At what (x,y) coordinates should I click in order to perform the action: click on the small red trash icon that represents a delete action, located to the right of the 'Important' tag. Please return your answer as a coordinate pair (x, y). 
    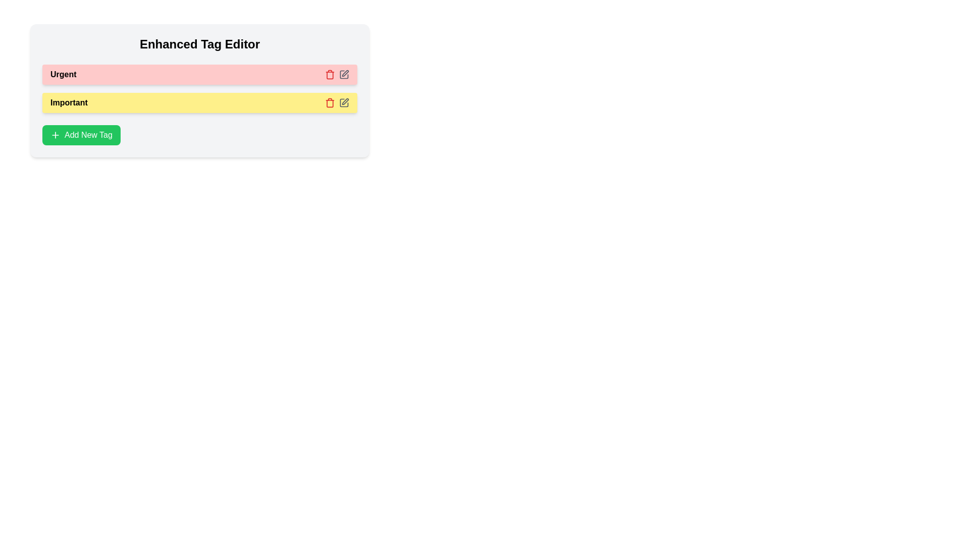
    Looking at the image, I should click on (330, 103).